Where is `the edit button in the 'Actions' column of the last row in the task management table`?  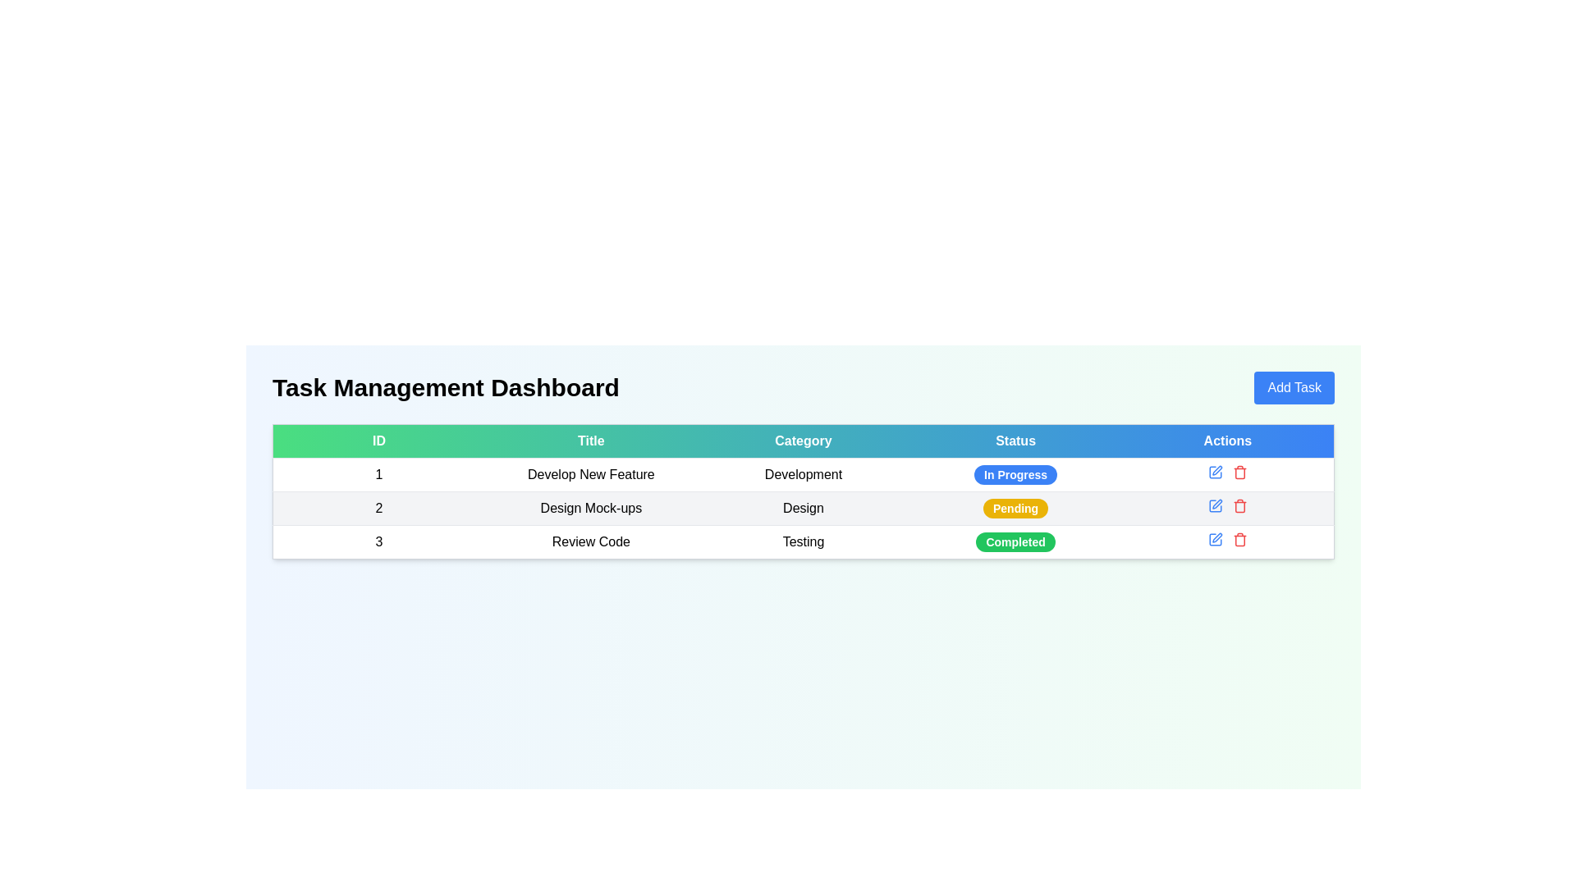 the edit button in the 'Actions' column of the last row in the task management table is located at coordinates (1215, 540).